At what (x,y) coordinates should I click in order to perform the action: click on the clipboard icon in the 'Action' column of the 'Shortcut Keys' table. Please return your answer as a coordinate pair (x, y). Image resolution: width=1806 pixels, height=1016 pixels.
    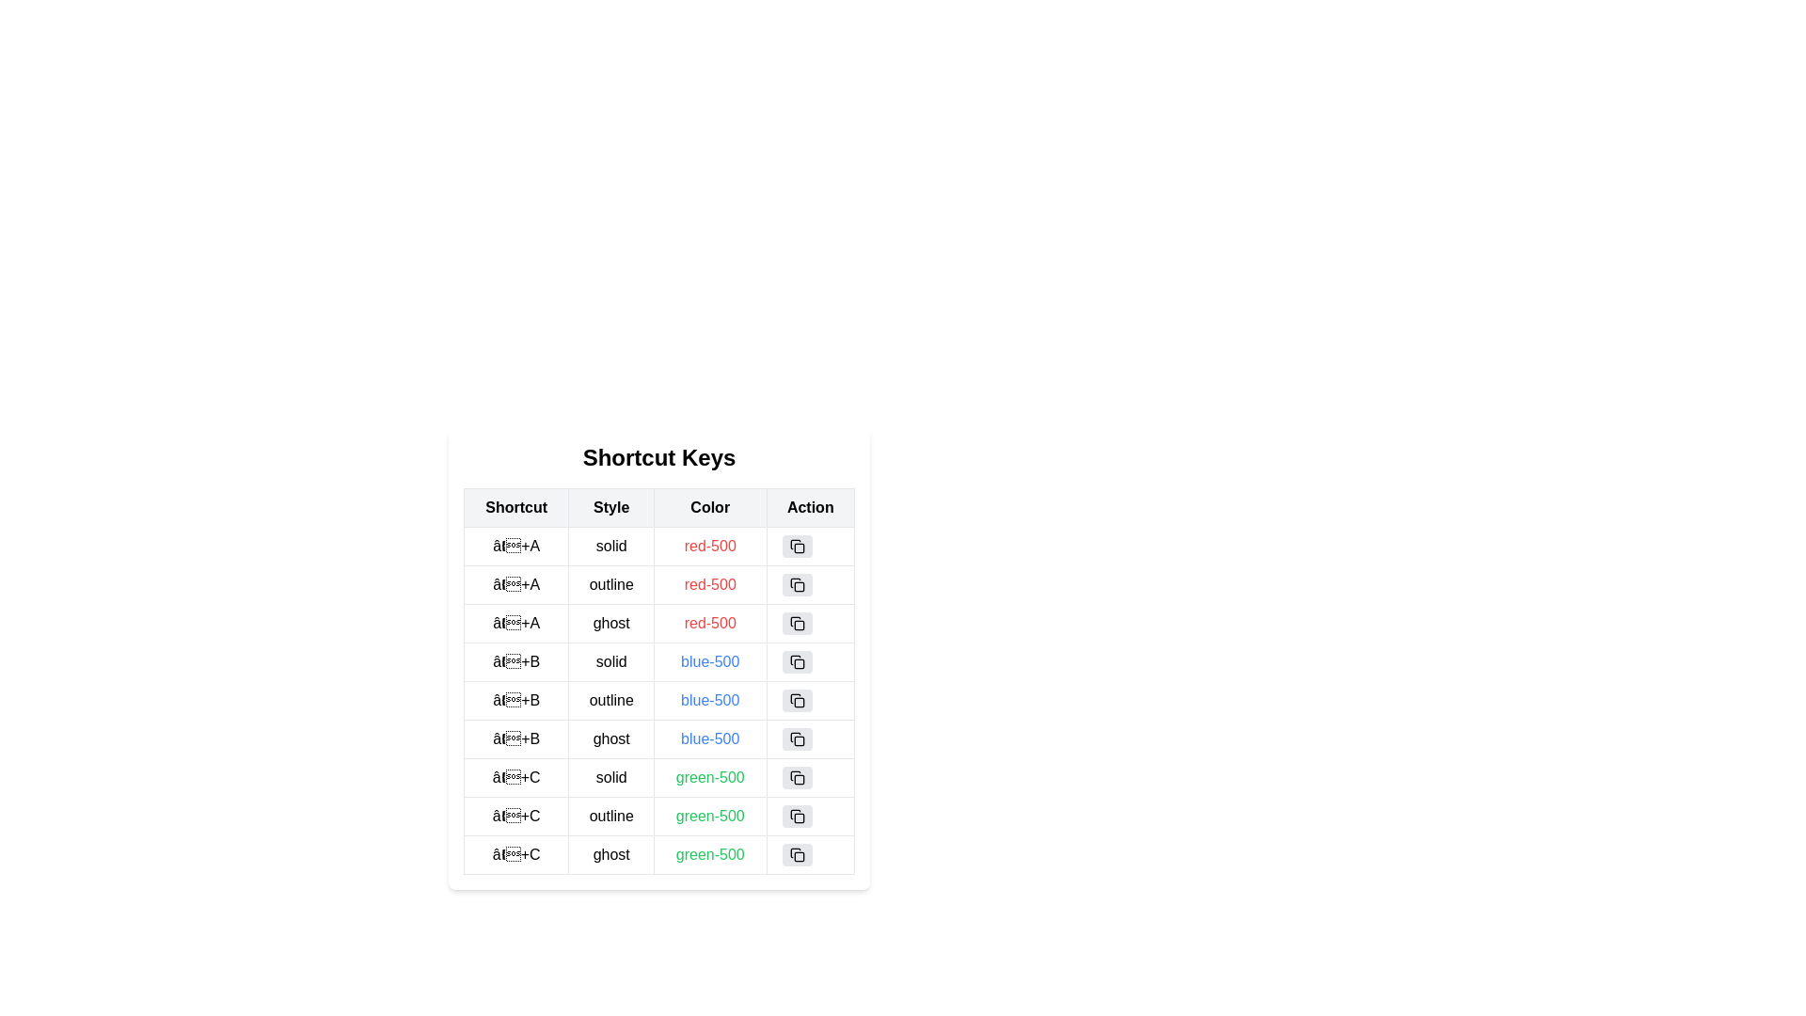
    Looking at the image, I should click on (795, 736).